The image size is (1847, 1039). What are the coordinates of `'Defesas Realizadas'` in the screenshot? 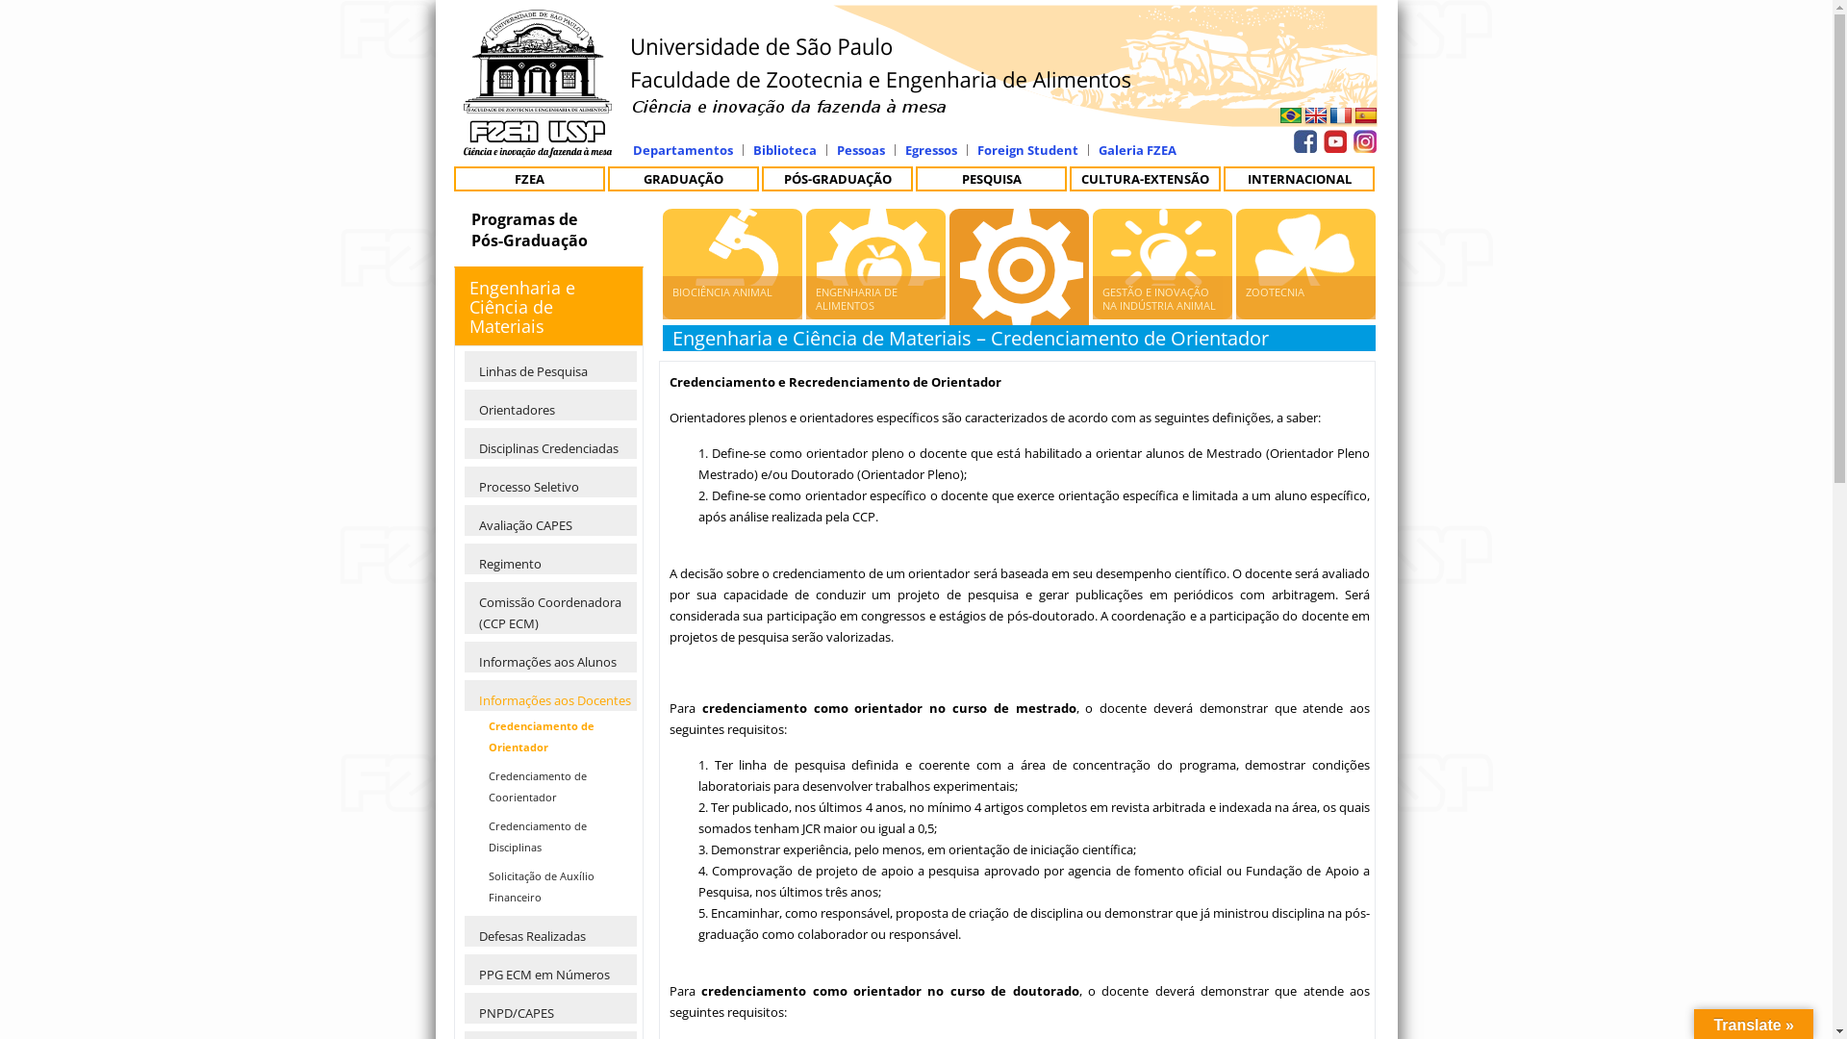 It's located at (549, 930).